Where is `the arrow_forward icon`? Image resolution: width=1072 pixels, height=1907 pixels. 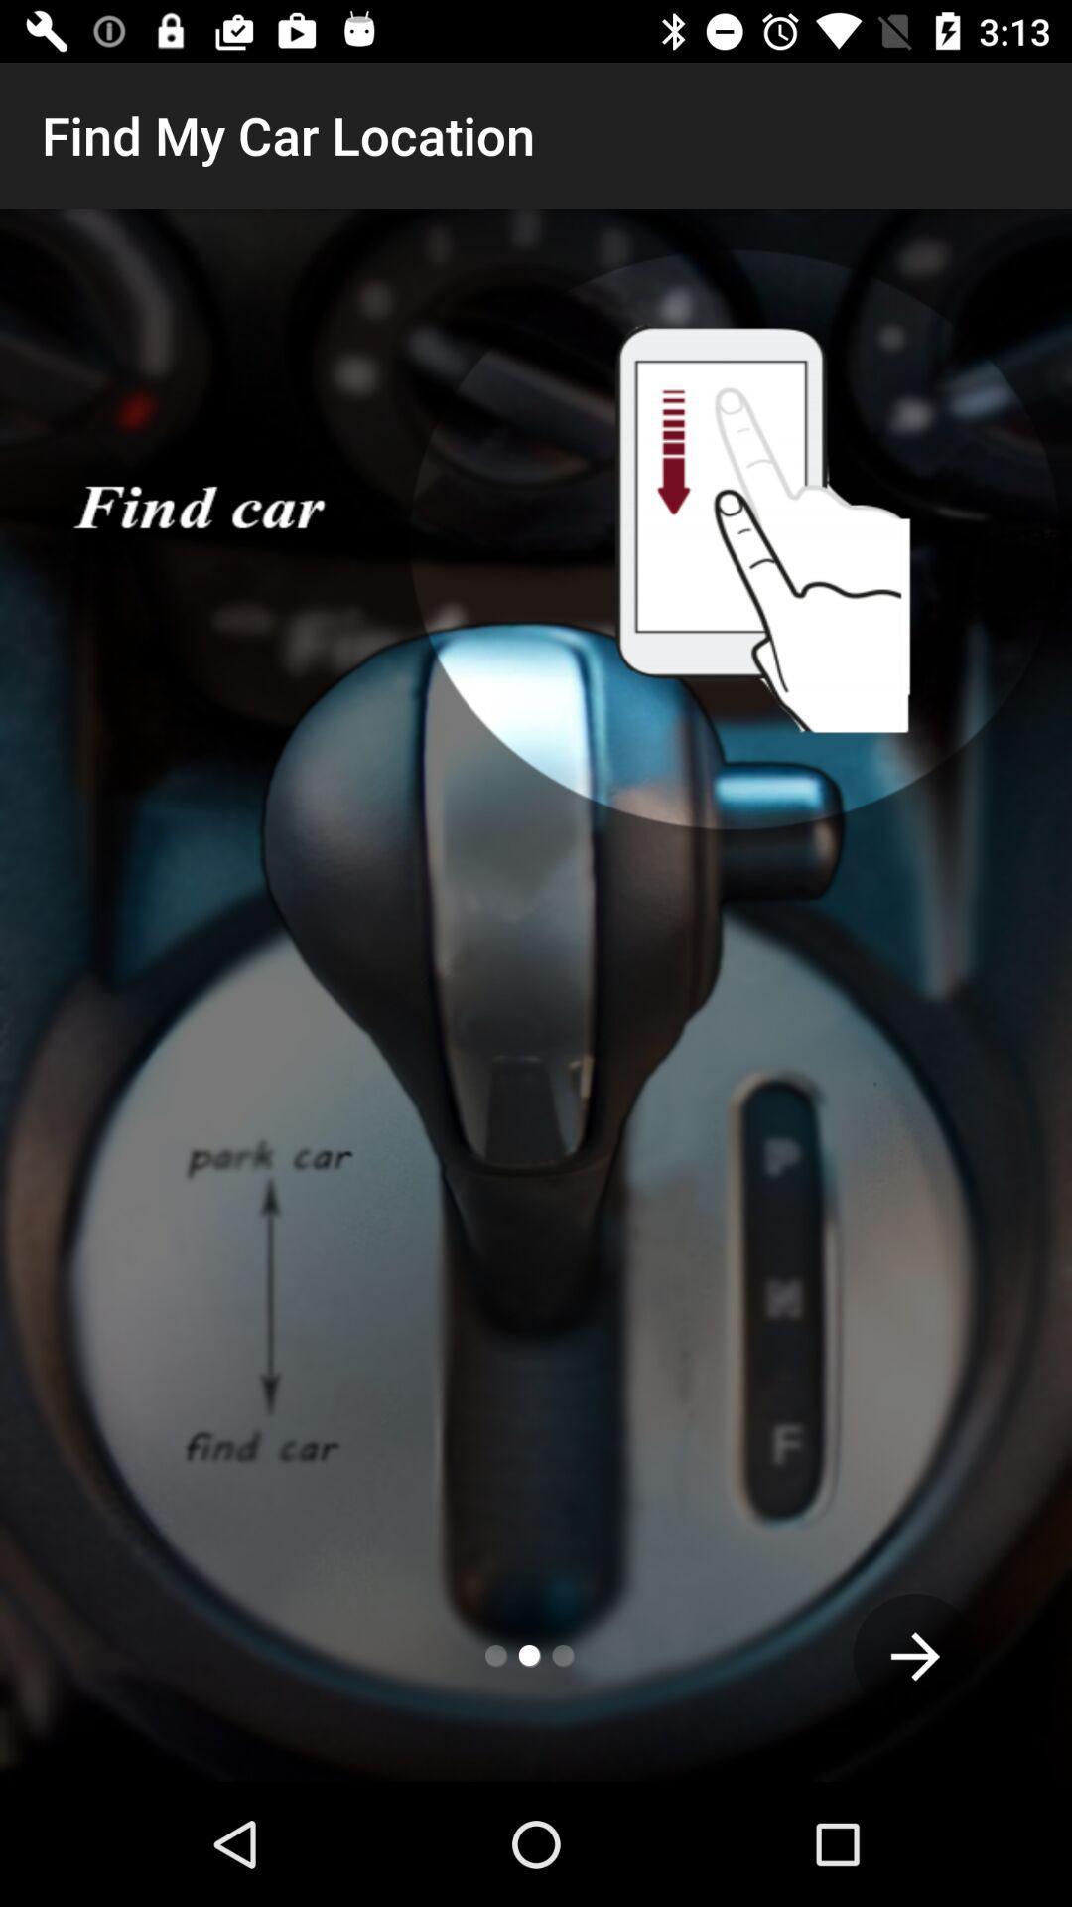
the arrow_forward icon is located at coordinates (915, 1656).